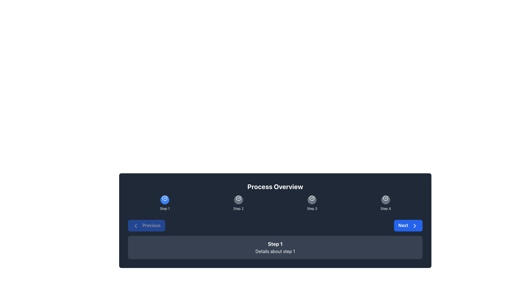  Describe the element at coordinates (164, 203) in the screenshot. I see `the Interactive step indicator labeled 'Step 1', which is highlighted in blue and indicates that this step is completed` at that location.